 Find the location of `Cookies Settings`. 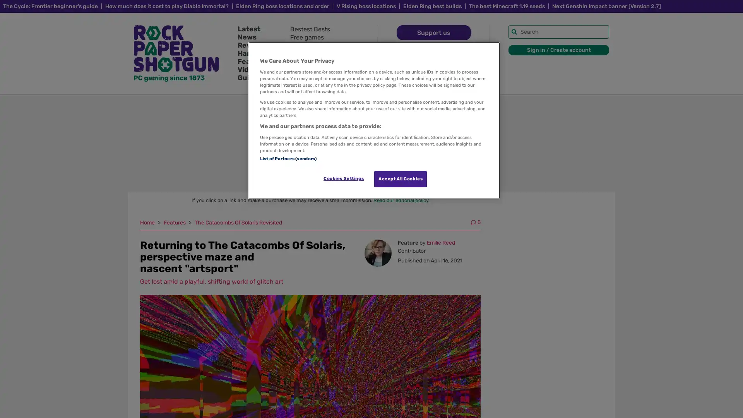

Cookies Settings is located at coordinates (343, 178).